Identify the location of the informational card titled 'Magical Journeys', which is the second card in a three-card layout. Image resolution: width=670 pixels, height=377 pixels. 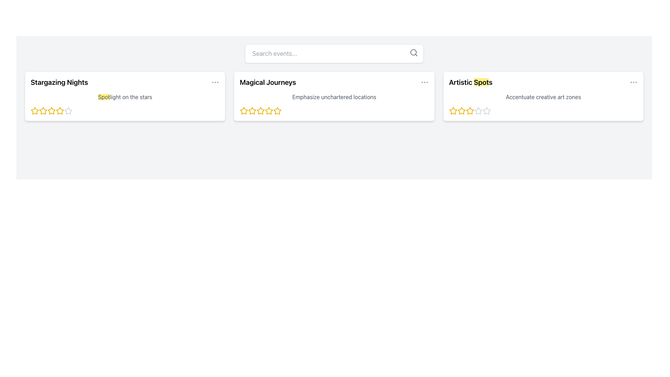
(334, 96).